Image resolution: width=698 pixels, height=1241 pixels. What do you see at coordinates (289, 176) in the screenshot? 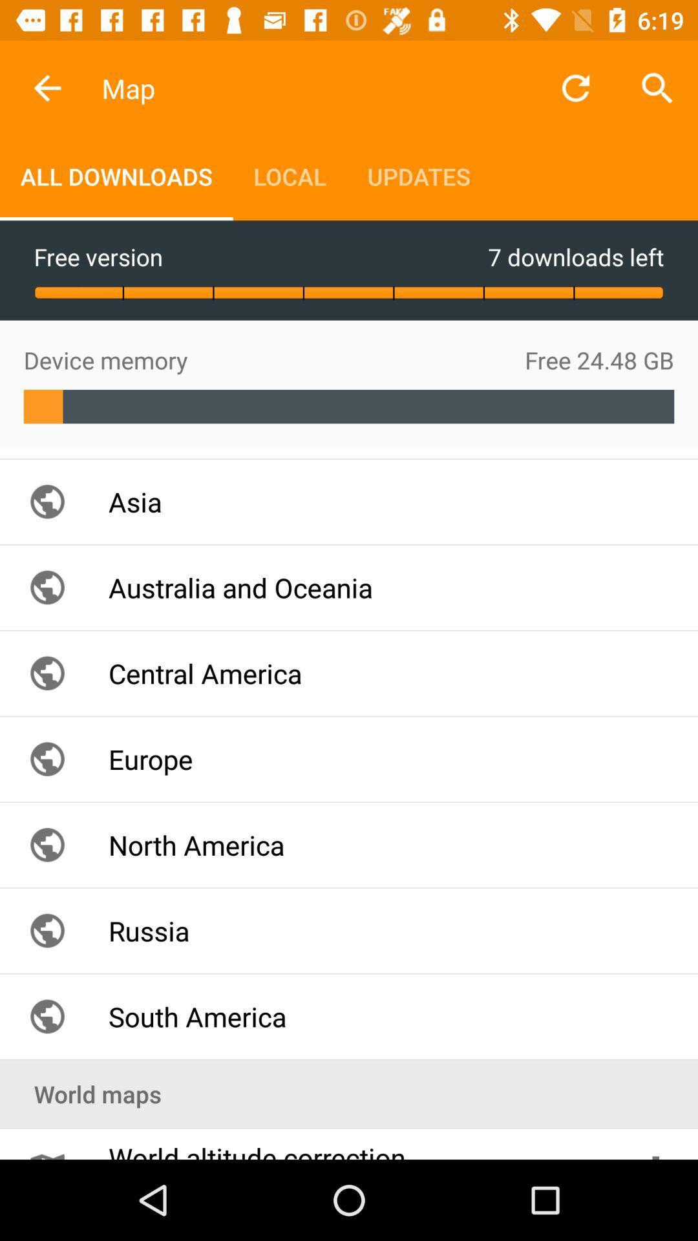
I see `the icon to the left of updates` at bounding box center [289, 176].